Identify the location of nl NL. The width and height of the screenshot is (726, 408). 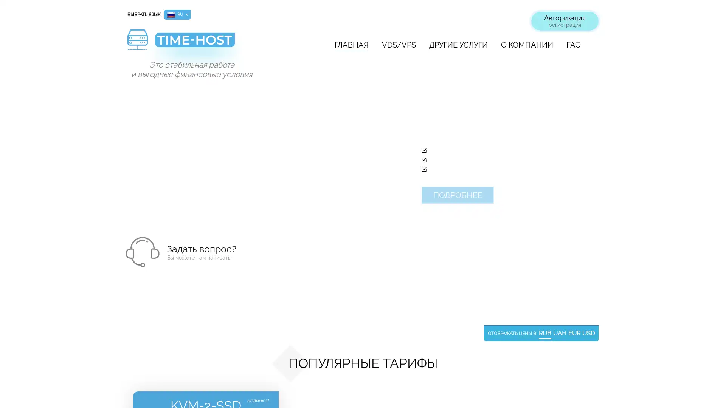
(177, 103).